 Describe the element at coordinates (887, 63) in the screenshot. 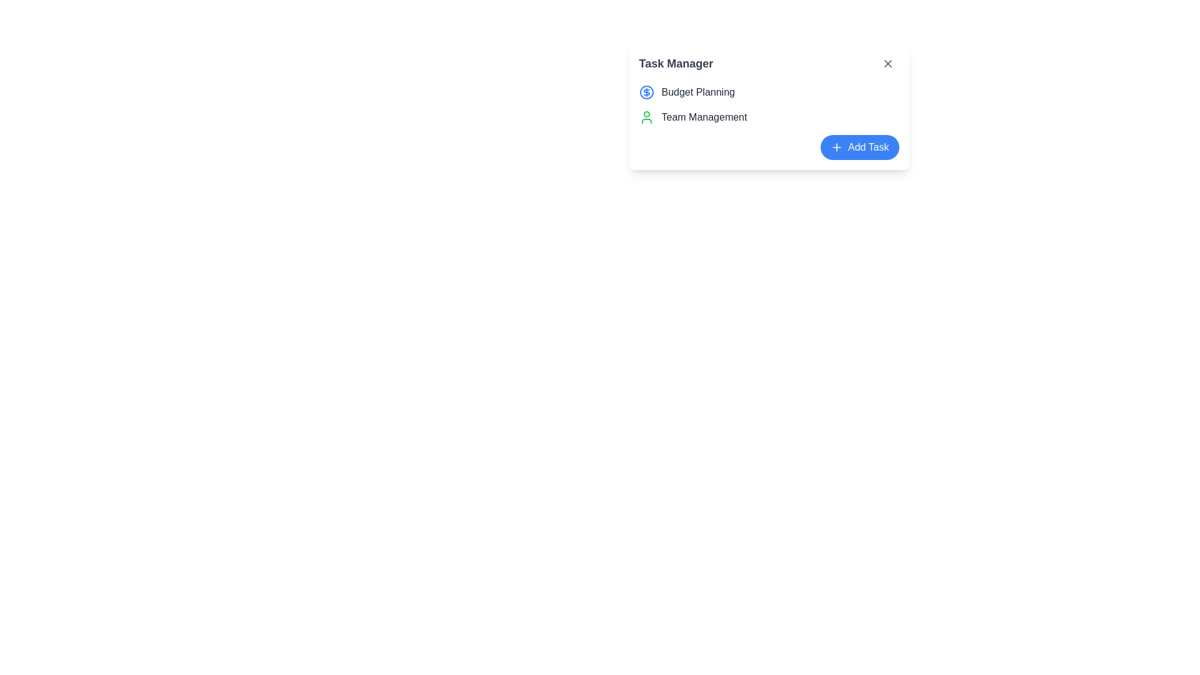

I see `the small square button with a gray border containing an 'X' icon located at the top-right corner of the 'Task Manager' panel to observe any hover effects` at that location.